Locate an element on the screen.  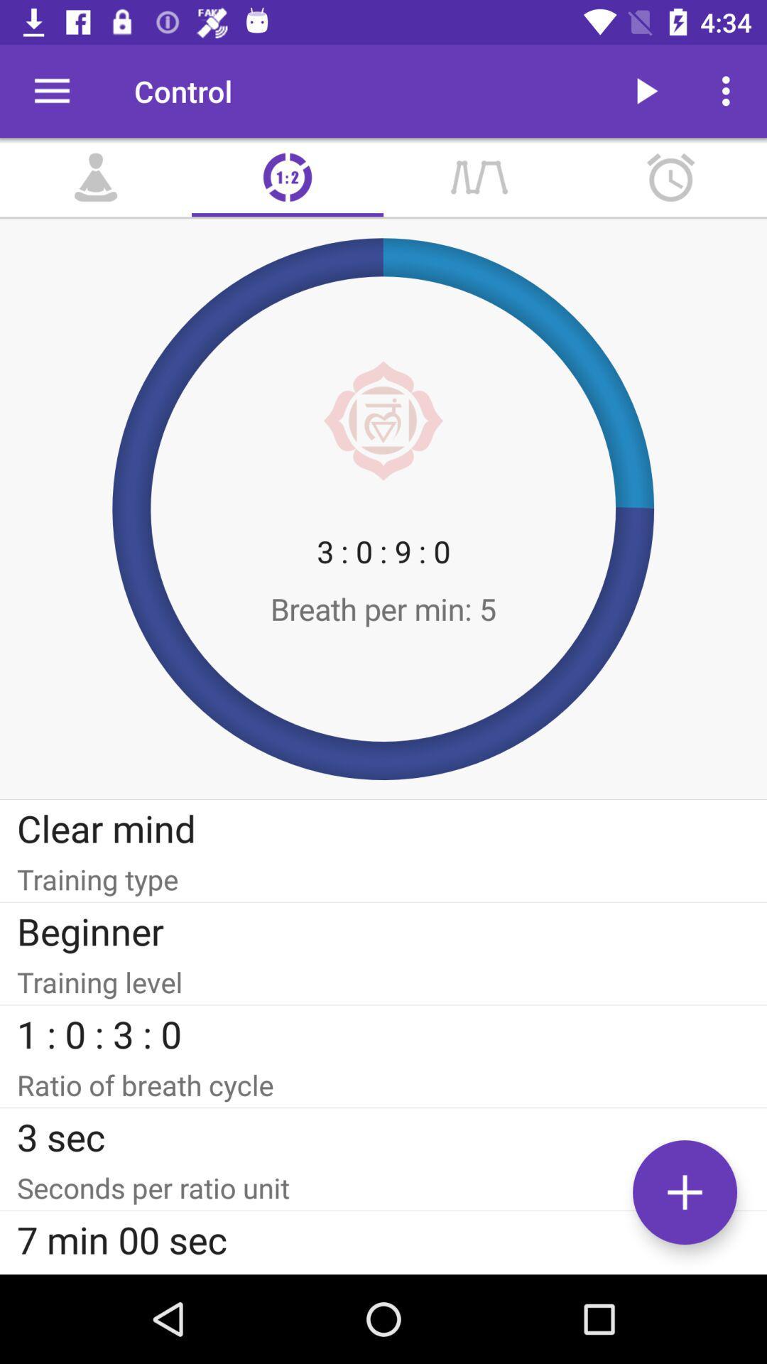
clear mind is located at coordinates (383, 828).